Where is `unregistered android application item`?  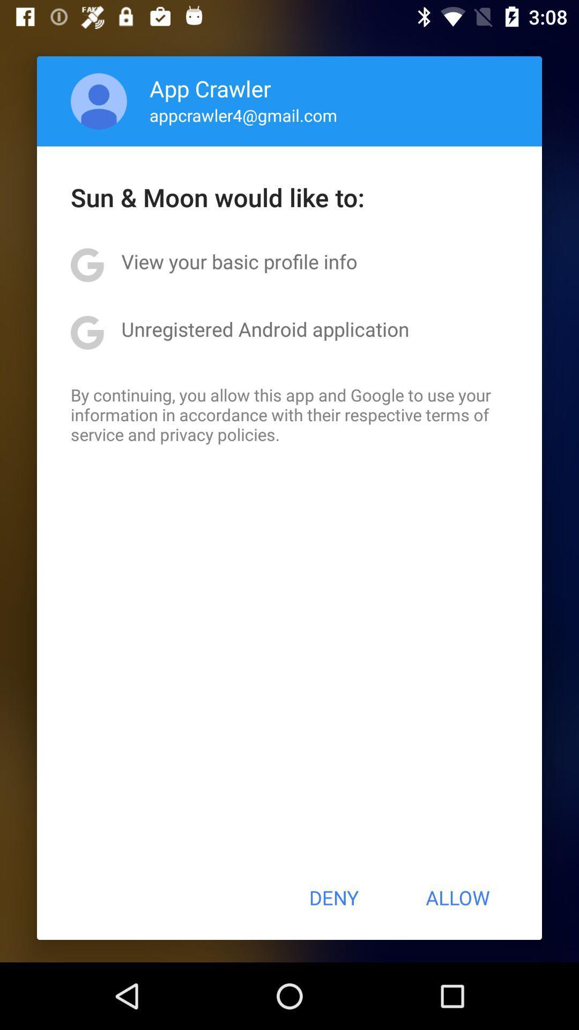 unregistered android application item is located at coordinates (265, 328).